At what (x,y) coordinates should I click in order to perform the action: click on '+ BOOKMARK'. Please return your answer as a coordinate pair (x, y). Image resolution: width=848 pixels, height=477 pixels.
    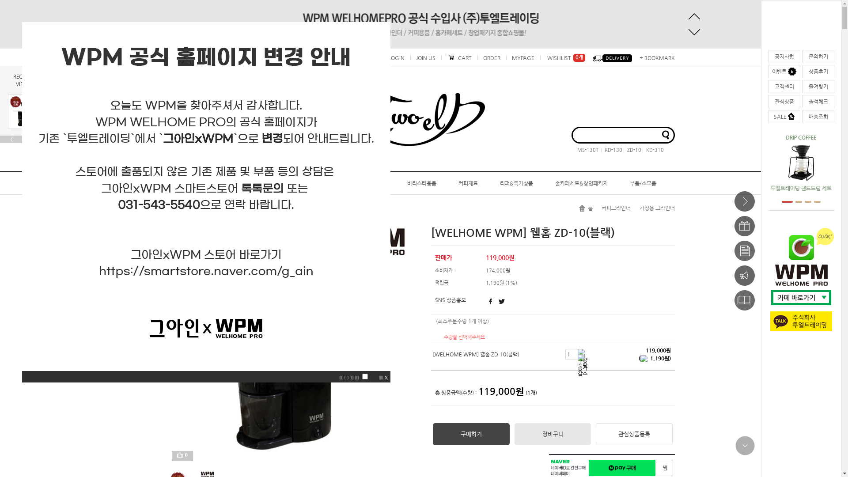
    Looking at the image, I should click on (655, 58).